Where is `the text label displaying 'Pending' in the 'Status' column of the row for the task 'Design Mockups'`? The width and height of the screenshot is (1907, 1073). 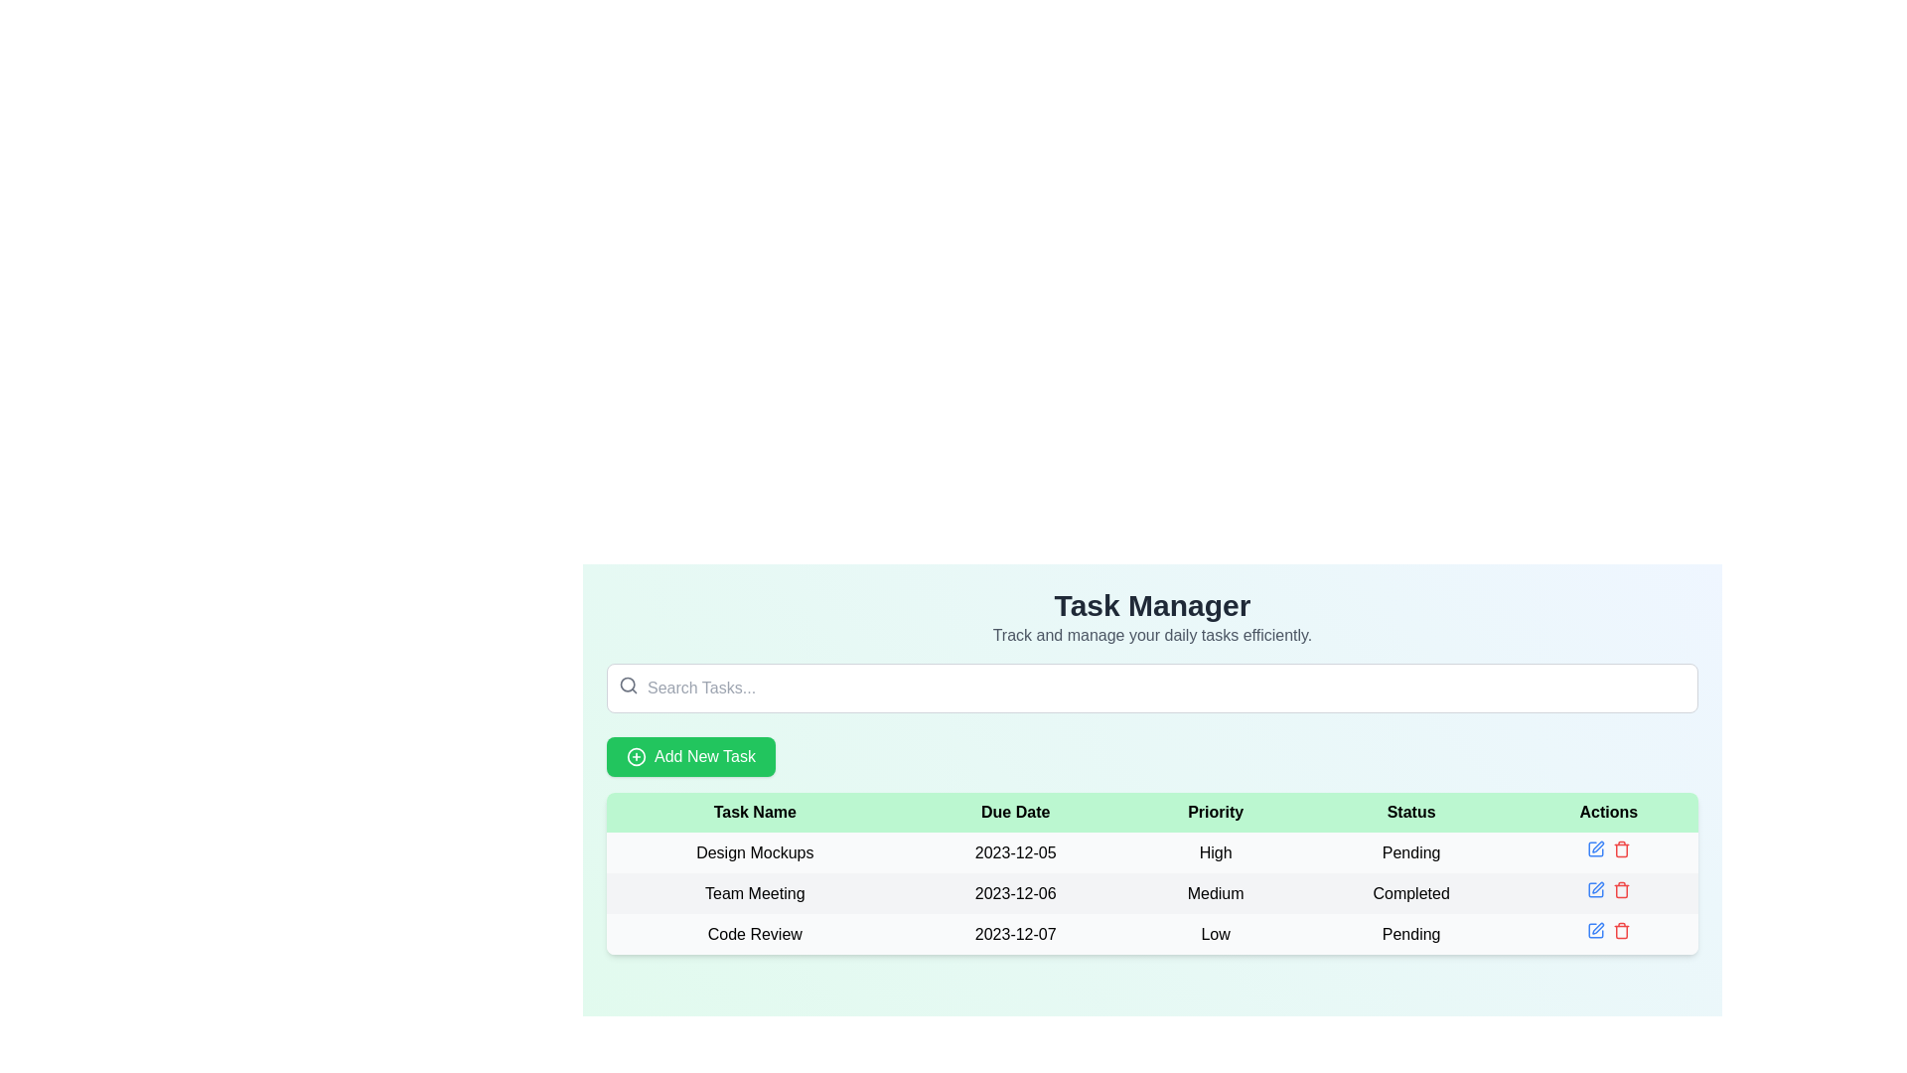
the text label displaying 'Pending' in the 'Status' column of the row for the task 'Design Mockups' is located at coordinates (1410, 851).